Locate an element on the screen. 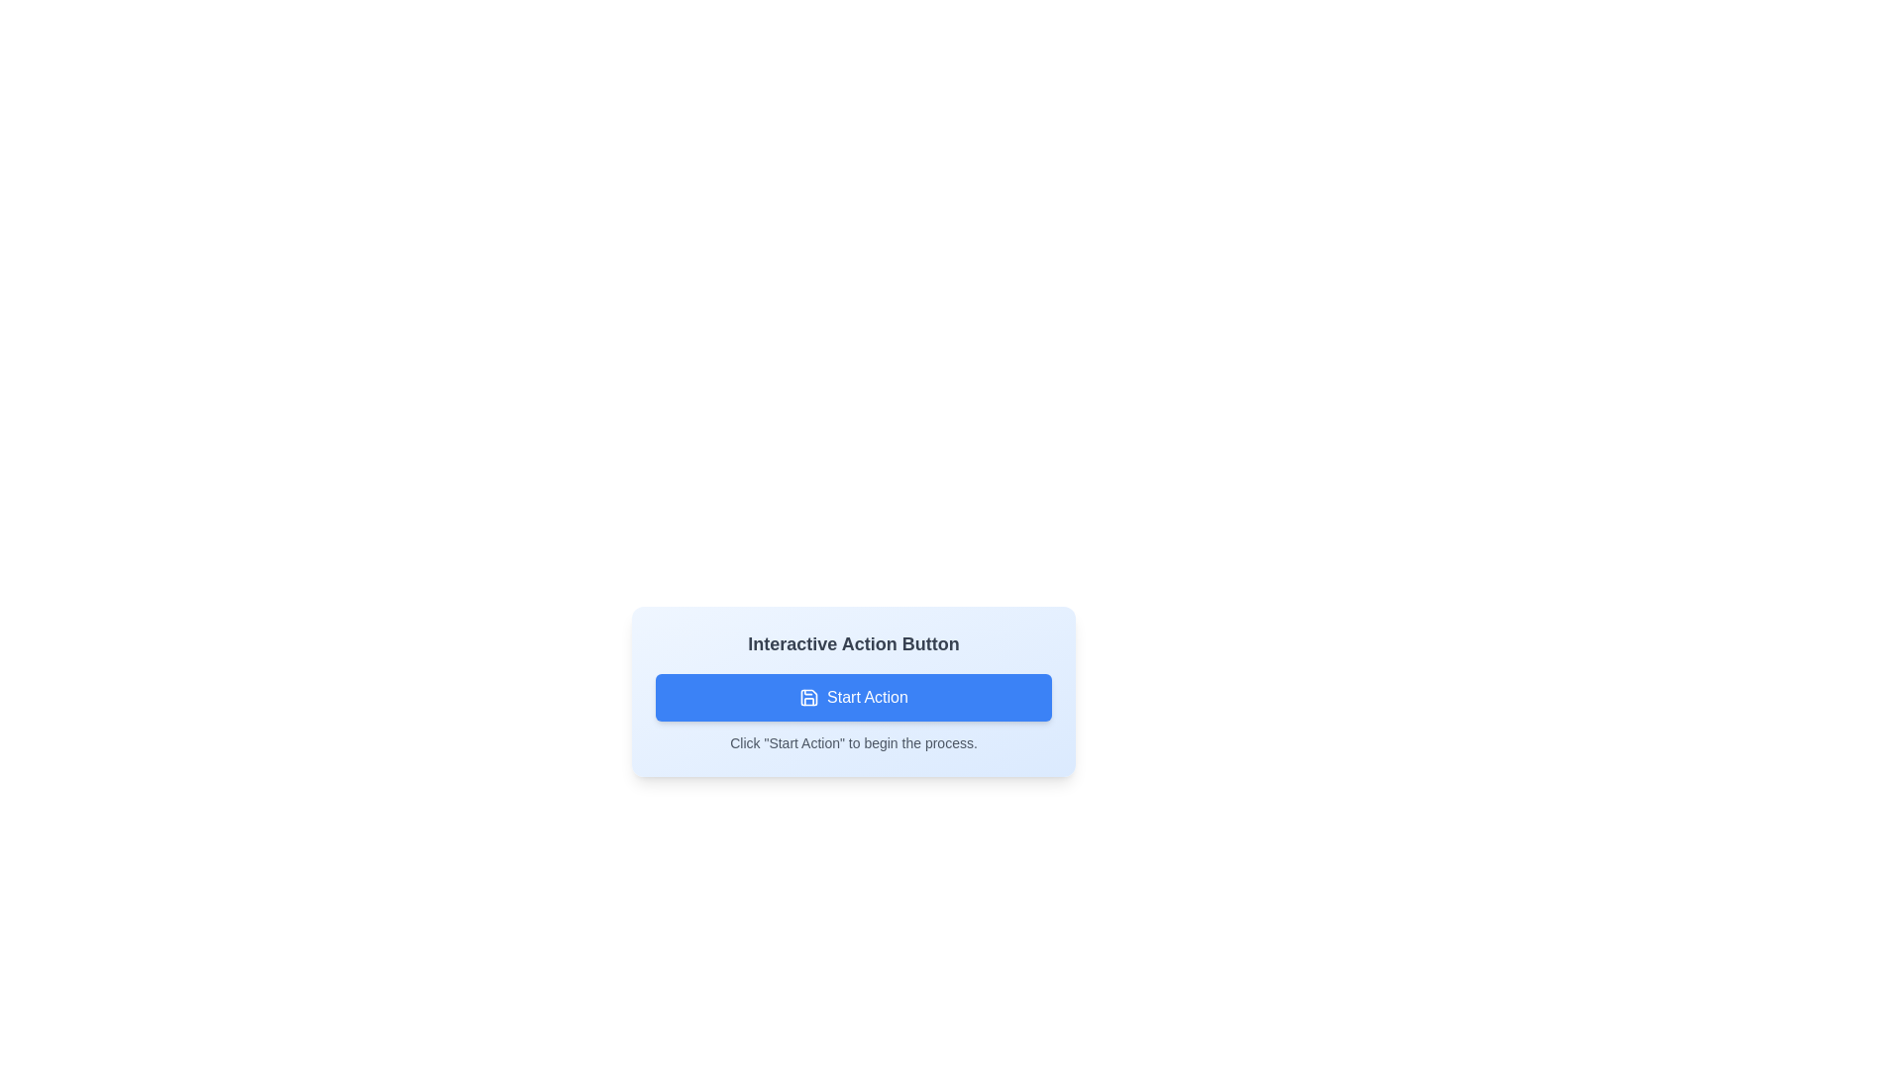 This screenshot has height=1069, width=1902. the static text label that reads 'Interactive Action Button', which is styled with bold, large font and dark gray color against a light blue gradient background, centrally positioned above the 'Start Action' button is located at coordinates (854, 644).